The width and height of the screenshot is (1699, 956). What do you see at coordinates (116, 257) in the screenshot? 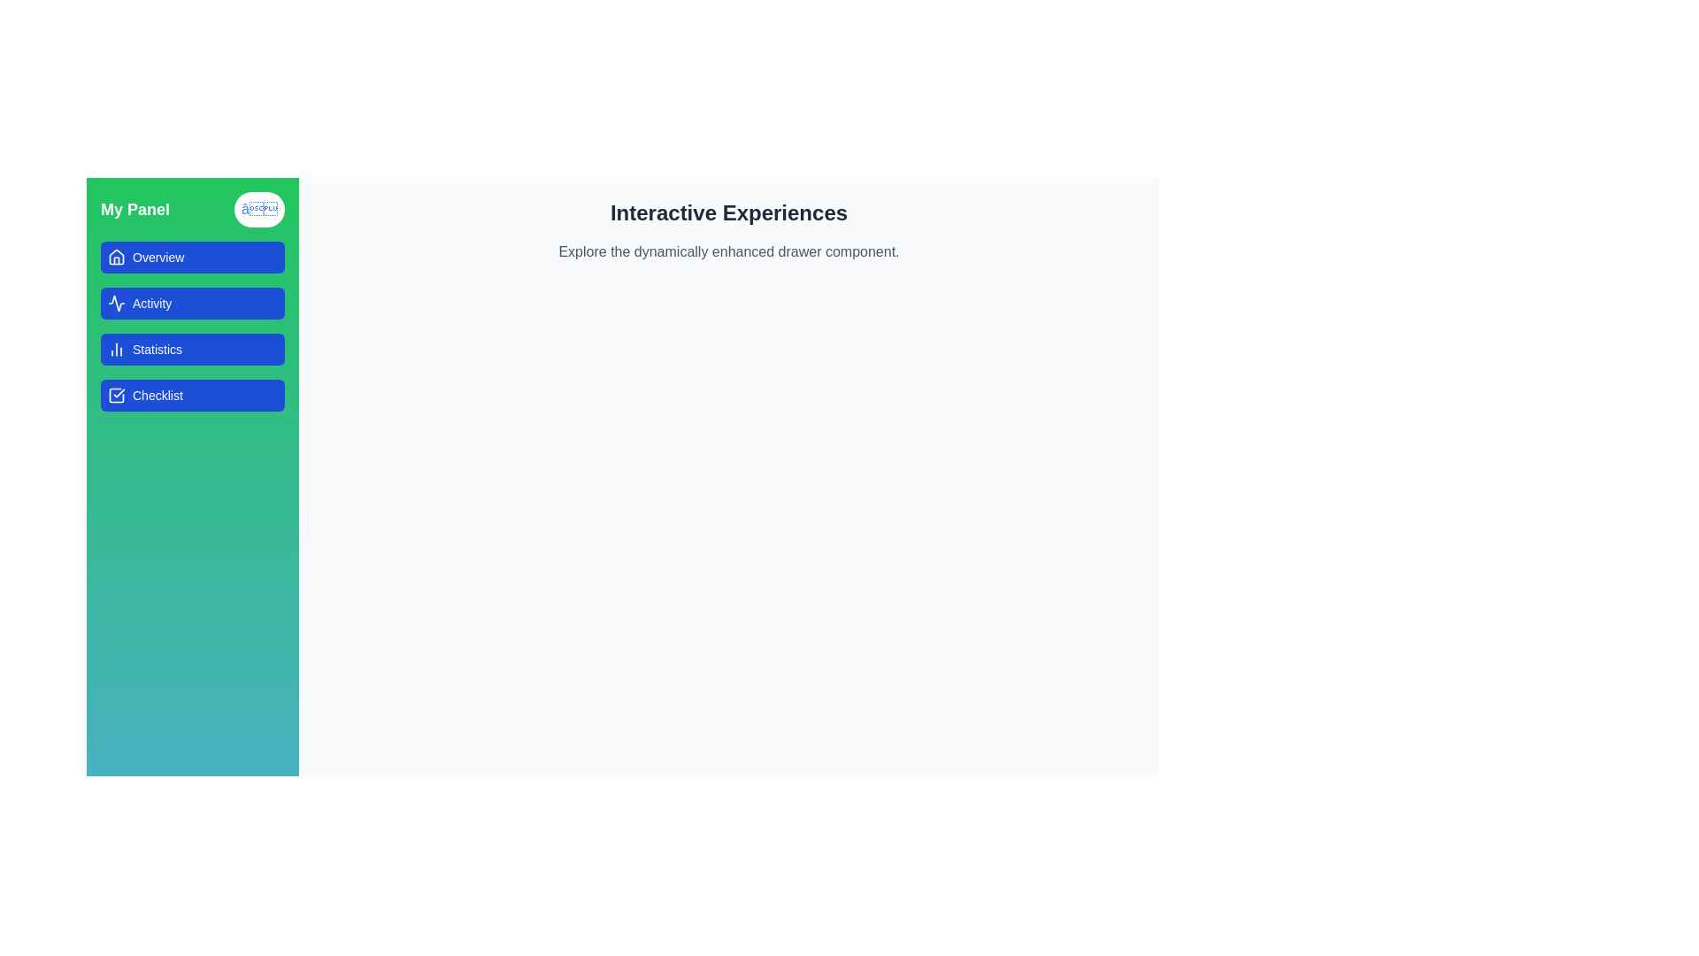
I see `the 'Overview' button on the green vertical sidebar` at bounding box center [116, 257].